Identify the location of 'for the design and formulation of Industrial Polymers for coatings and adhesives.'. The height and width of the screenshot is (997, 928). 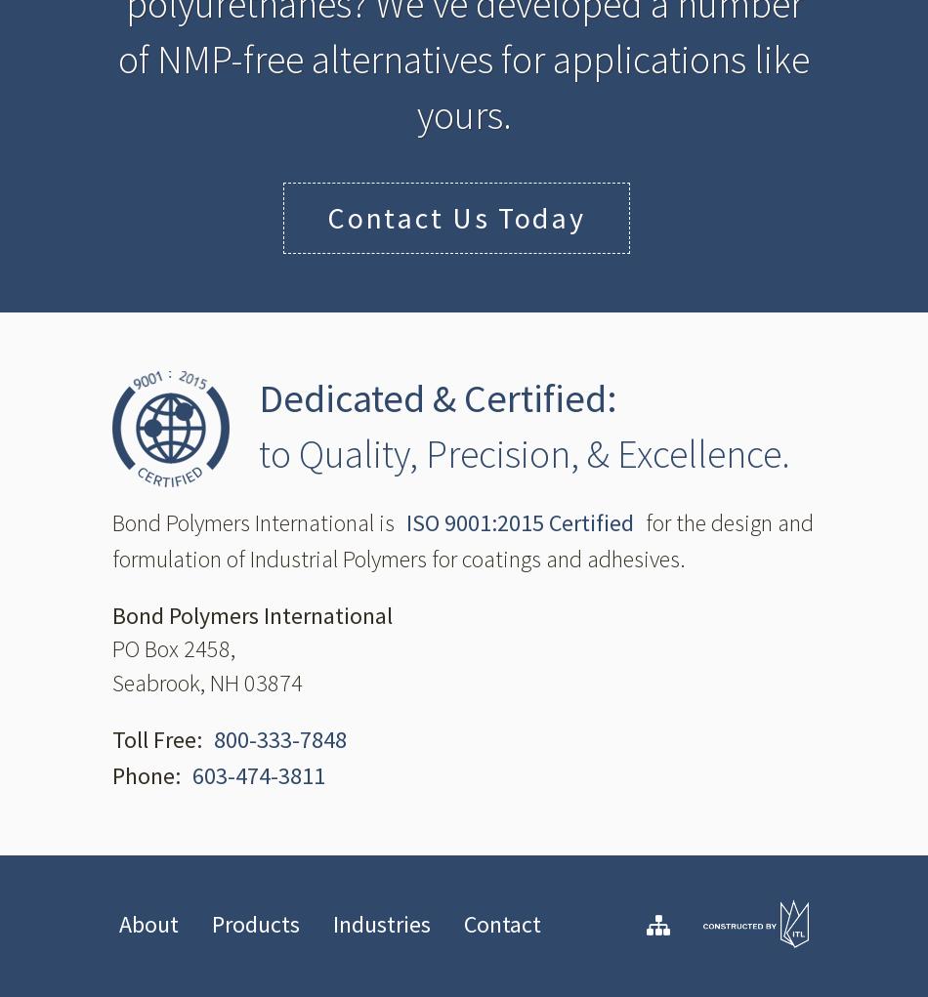
(461, 538).